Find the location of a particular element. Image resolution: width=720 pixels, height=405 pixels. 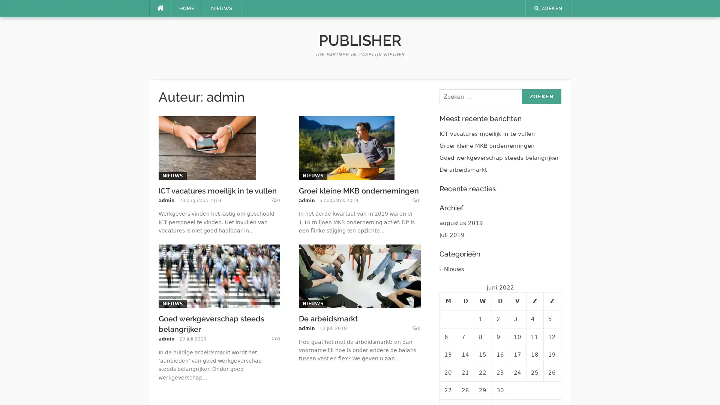

Zoeken is located at coordinates (541, 96).